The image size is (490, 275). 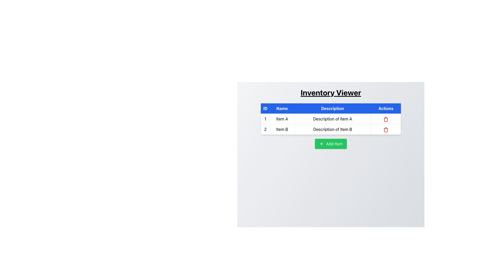 I want to click on the delete icon button in the second row of the table, so click(x=386, y=129).